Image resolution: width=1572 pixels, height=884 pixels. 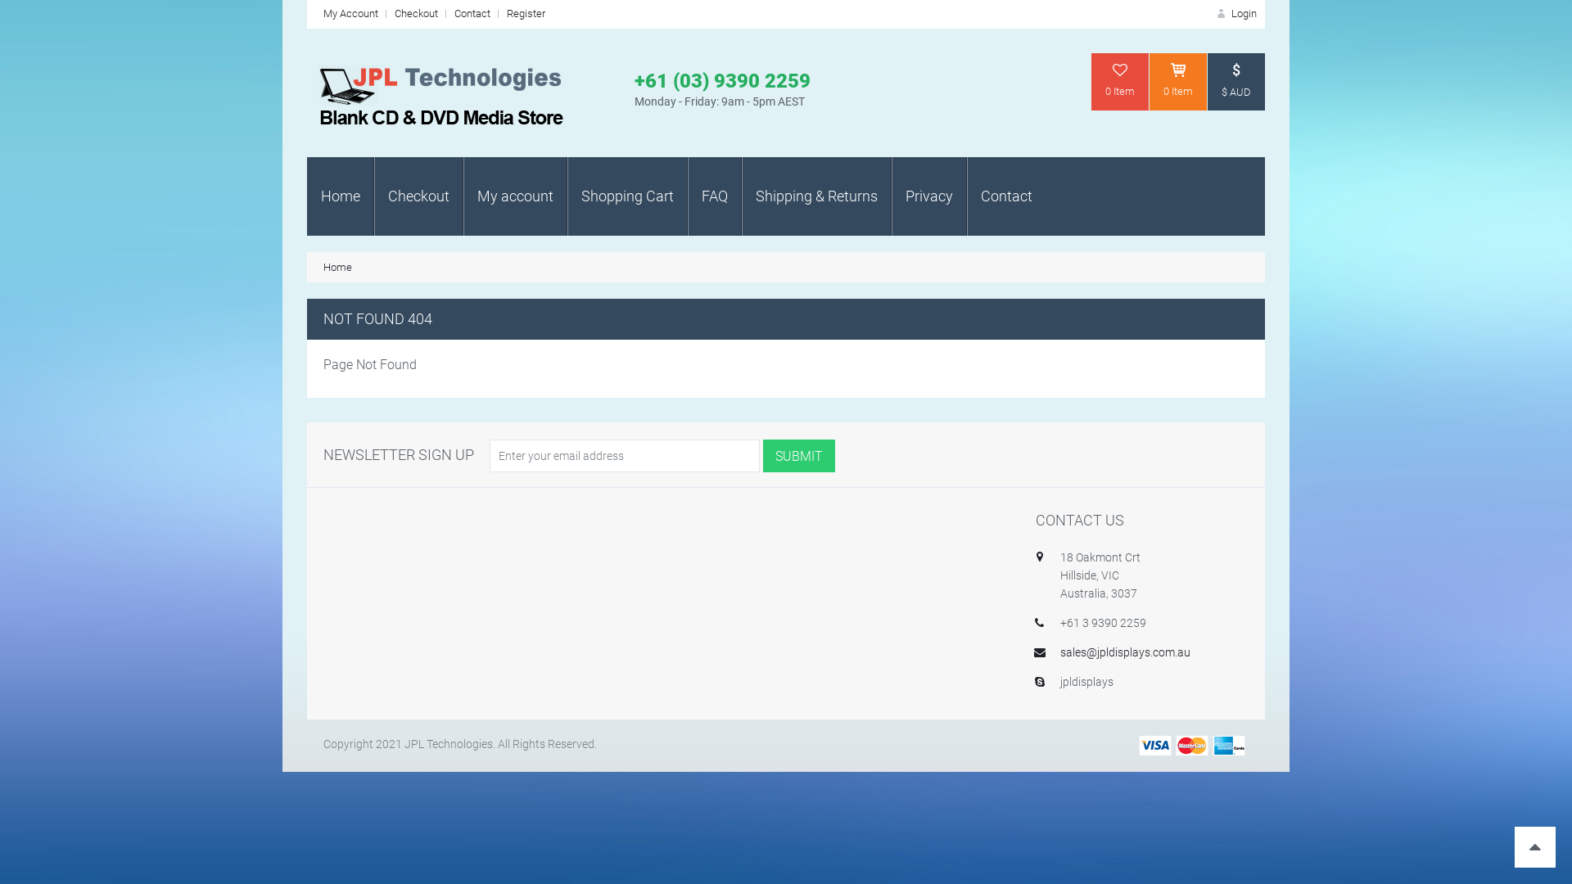 What do you see at coordinates (526, 13) in the screenshot?
I see `'Register'` at bounding box center [526, 13].